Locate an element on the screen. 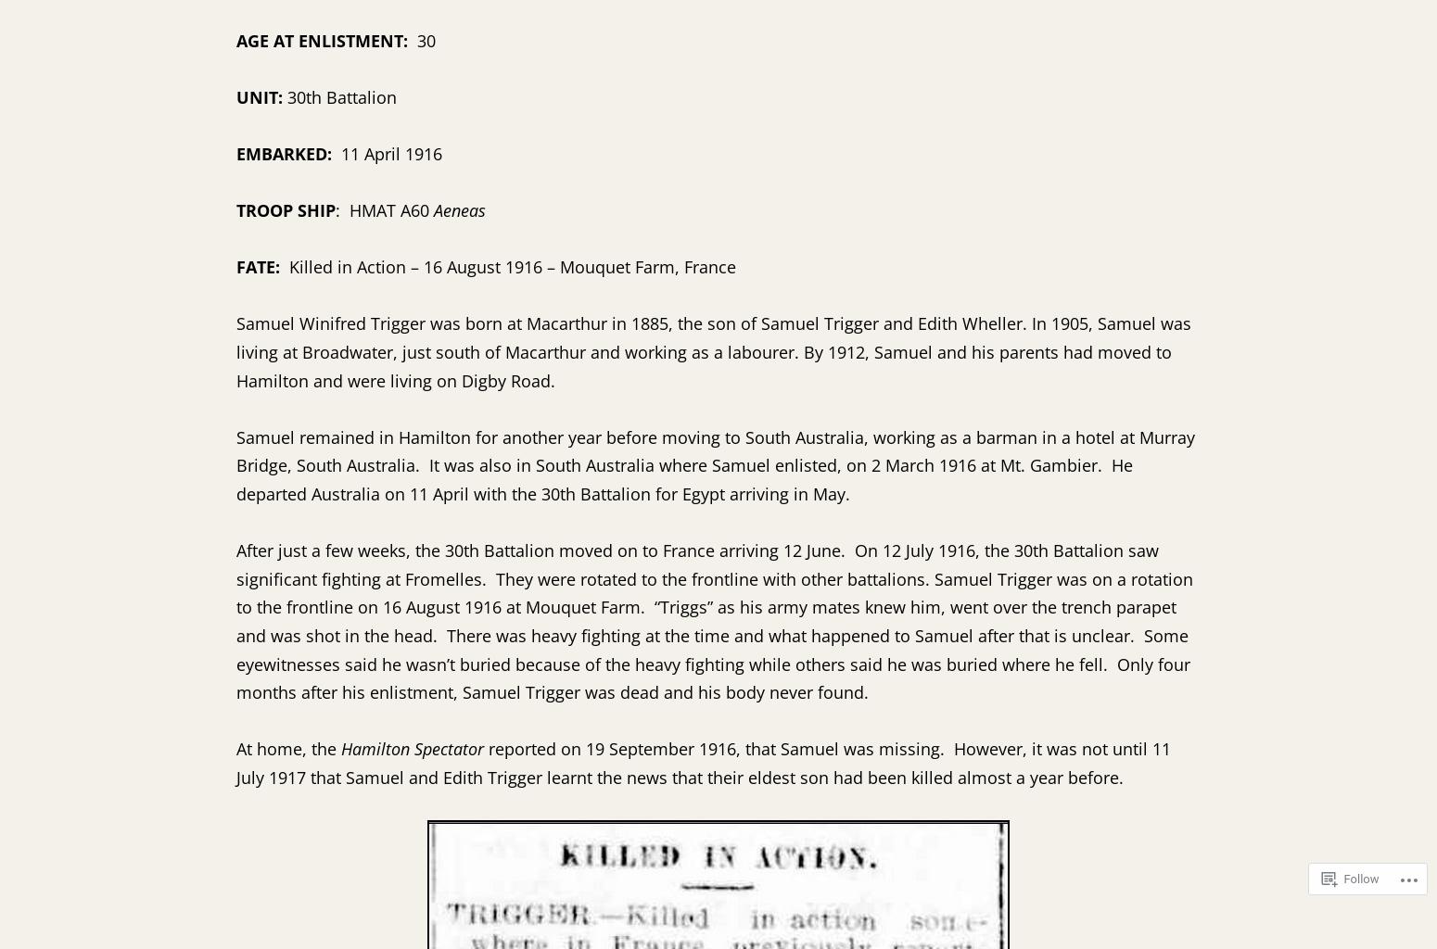 The image size is (1437, 949). 'FATE:' is located at coordinates (262, 266).